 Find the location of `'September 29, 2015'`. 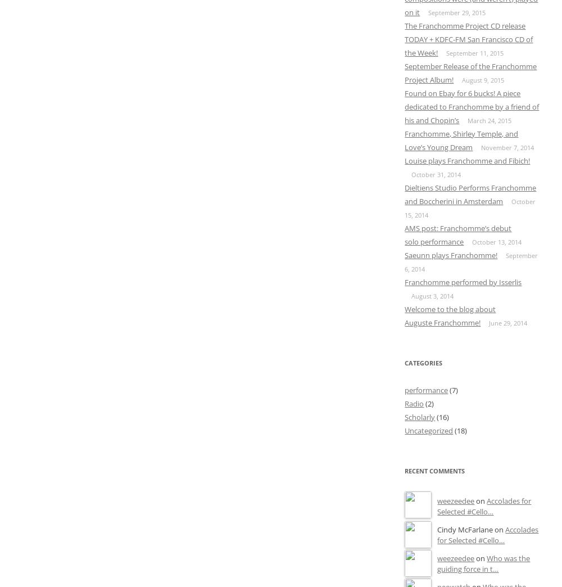

'September 29, 2015' is located at coordinates (456, 11).